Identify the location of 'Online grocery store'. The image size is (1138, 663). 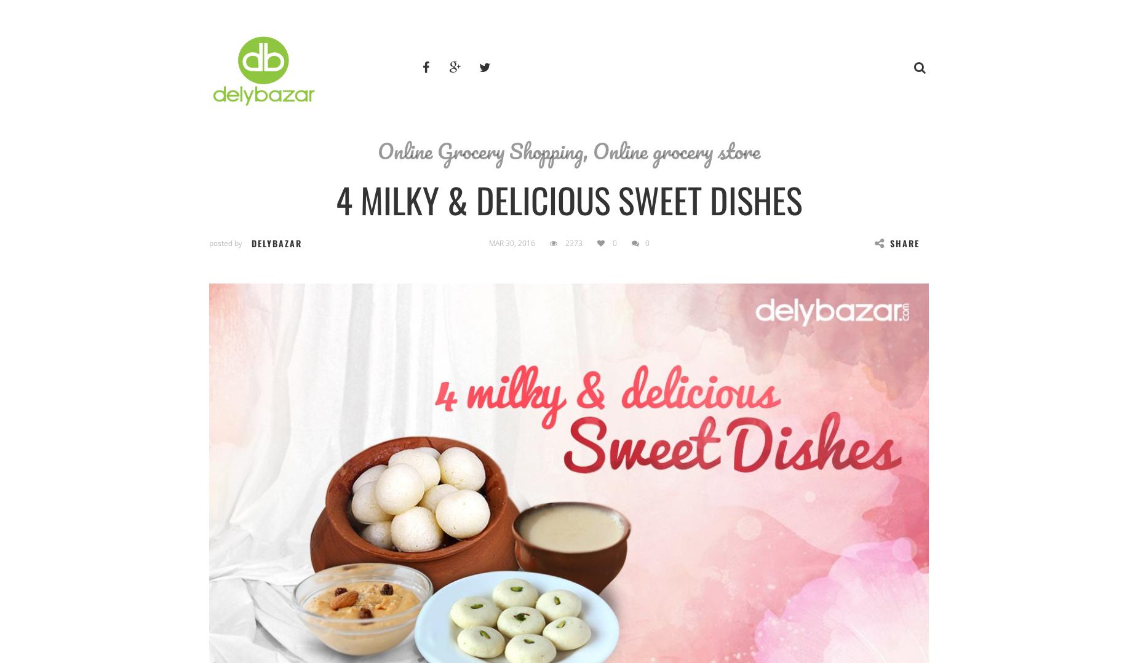
(676, 150).